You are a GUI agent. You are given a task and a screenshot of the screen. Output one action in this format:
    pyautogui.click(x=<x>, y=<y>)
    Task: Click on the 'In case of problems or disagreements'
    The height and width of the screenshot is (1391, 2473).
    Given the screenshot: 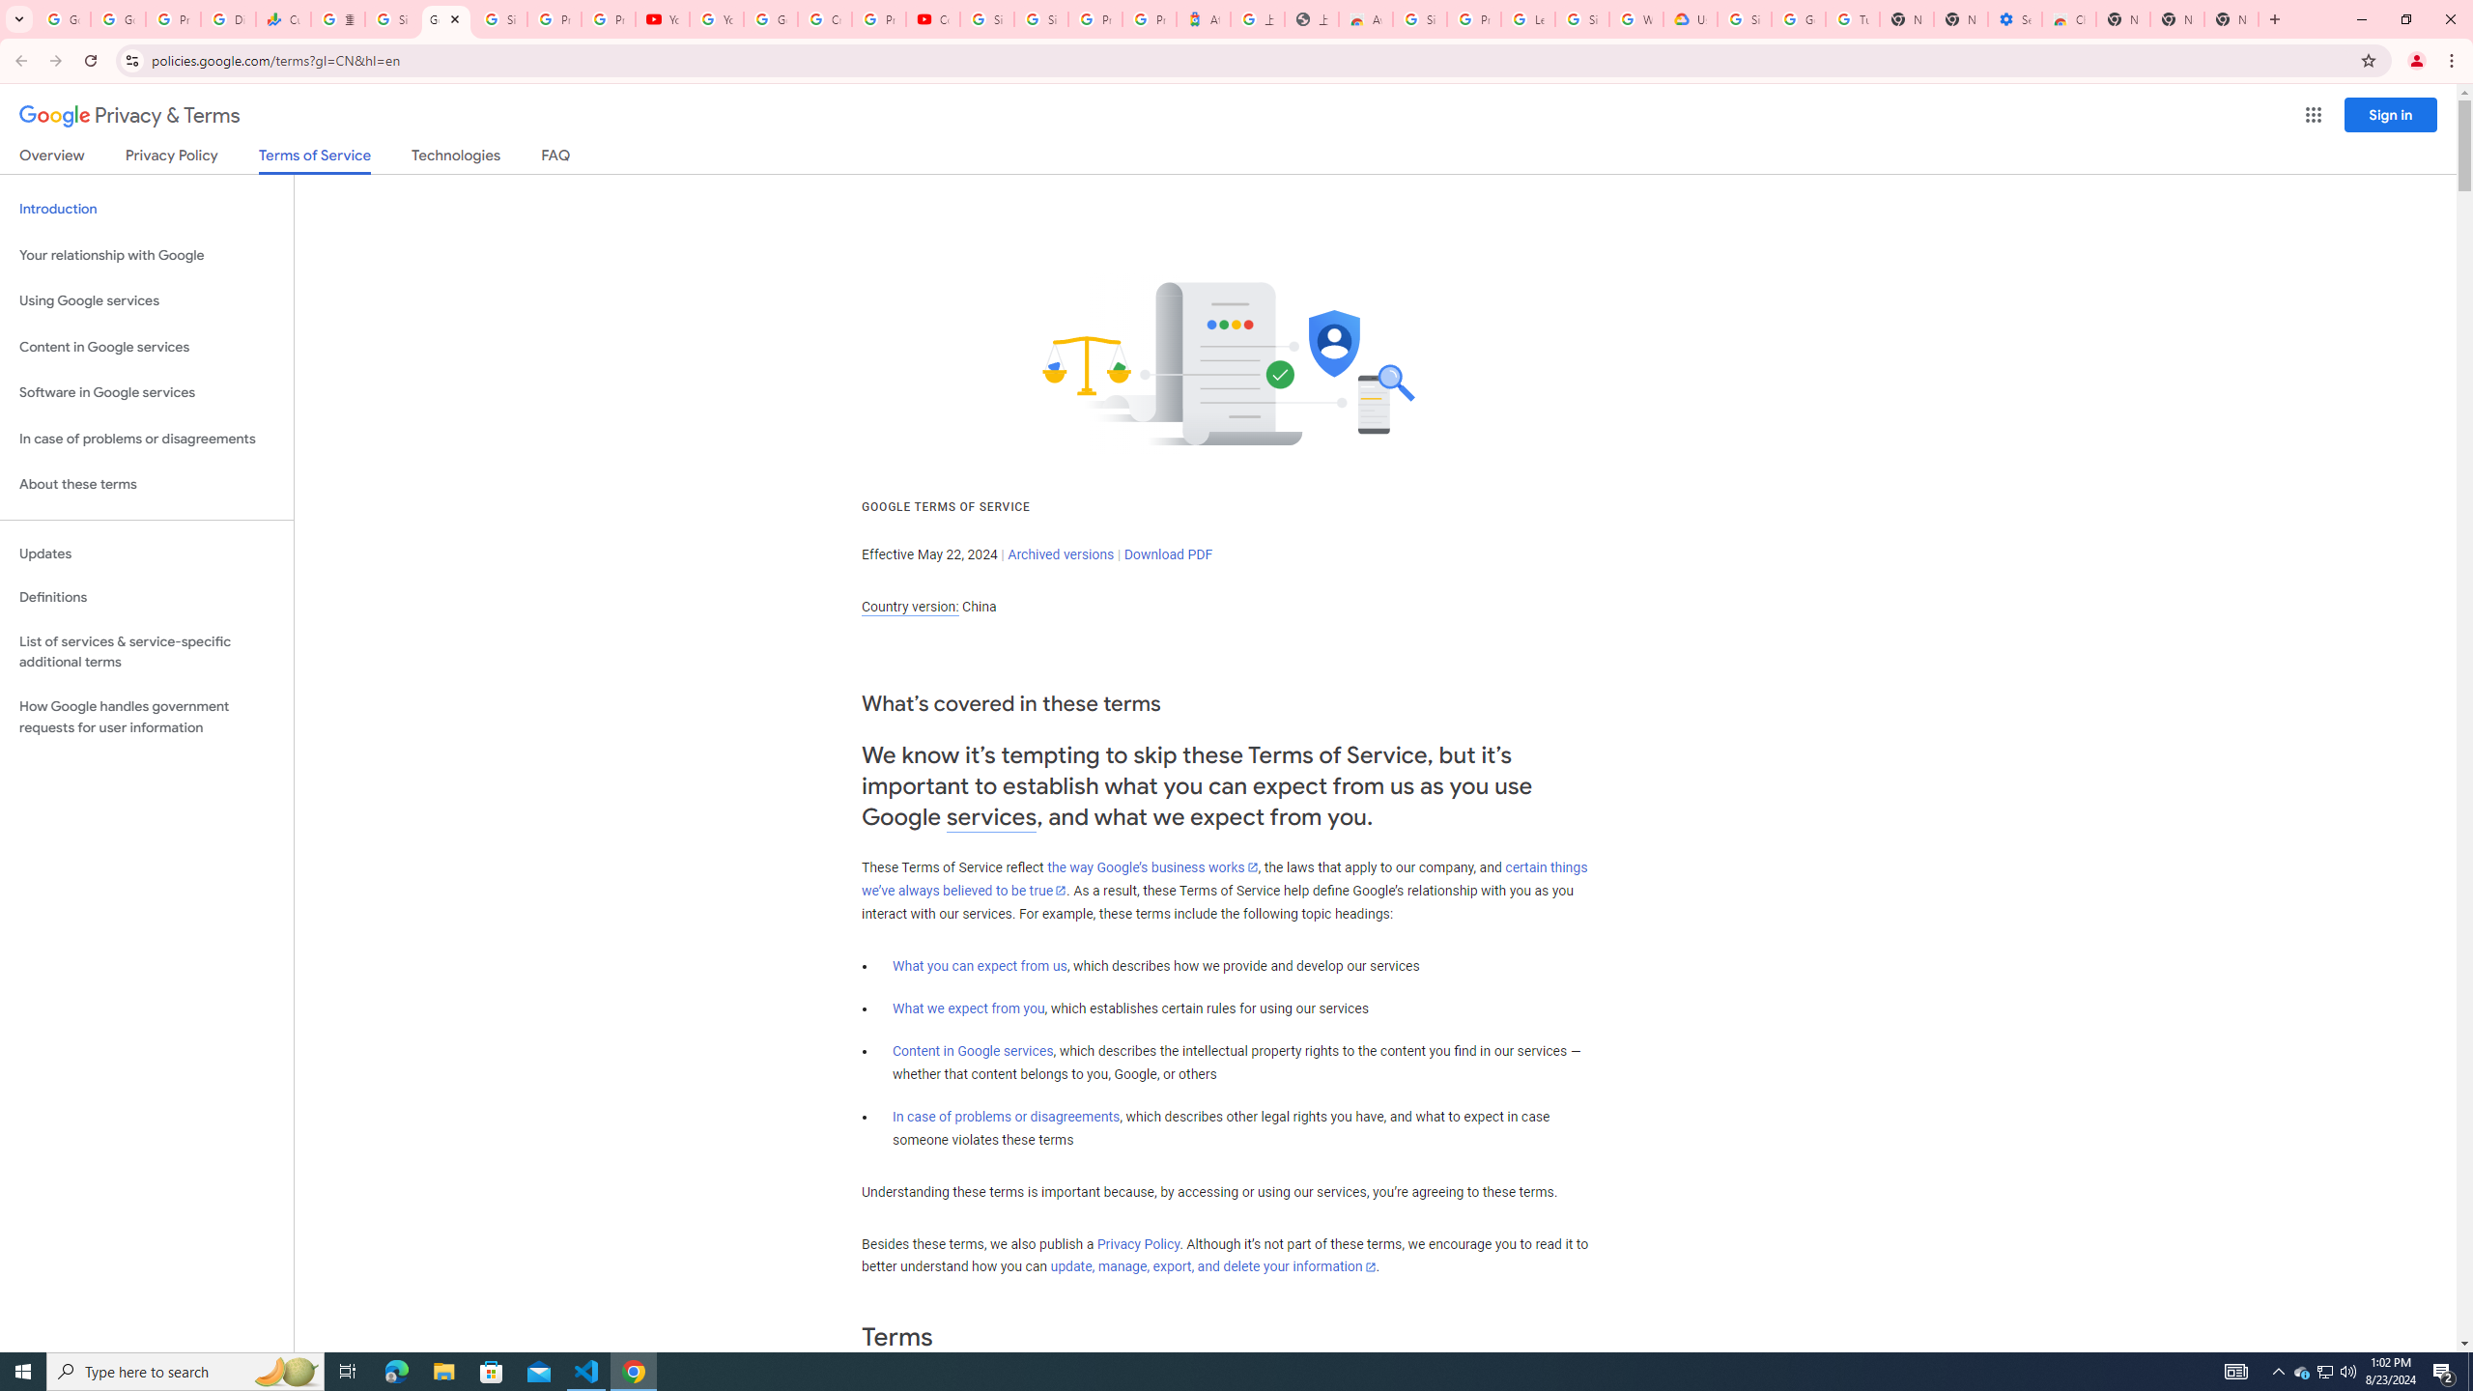 What is the action you would take?
    pyautogui.click(x=1005, y=1117)
    